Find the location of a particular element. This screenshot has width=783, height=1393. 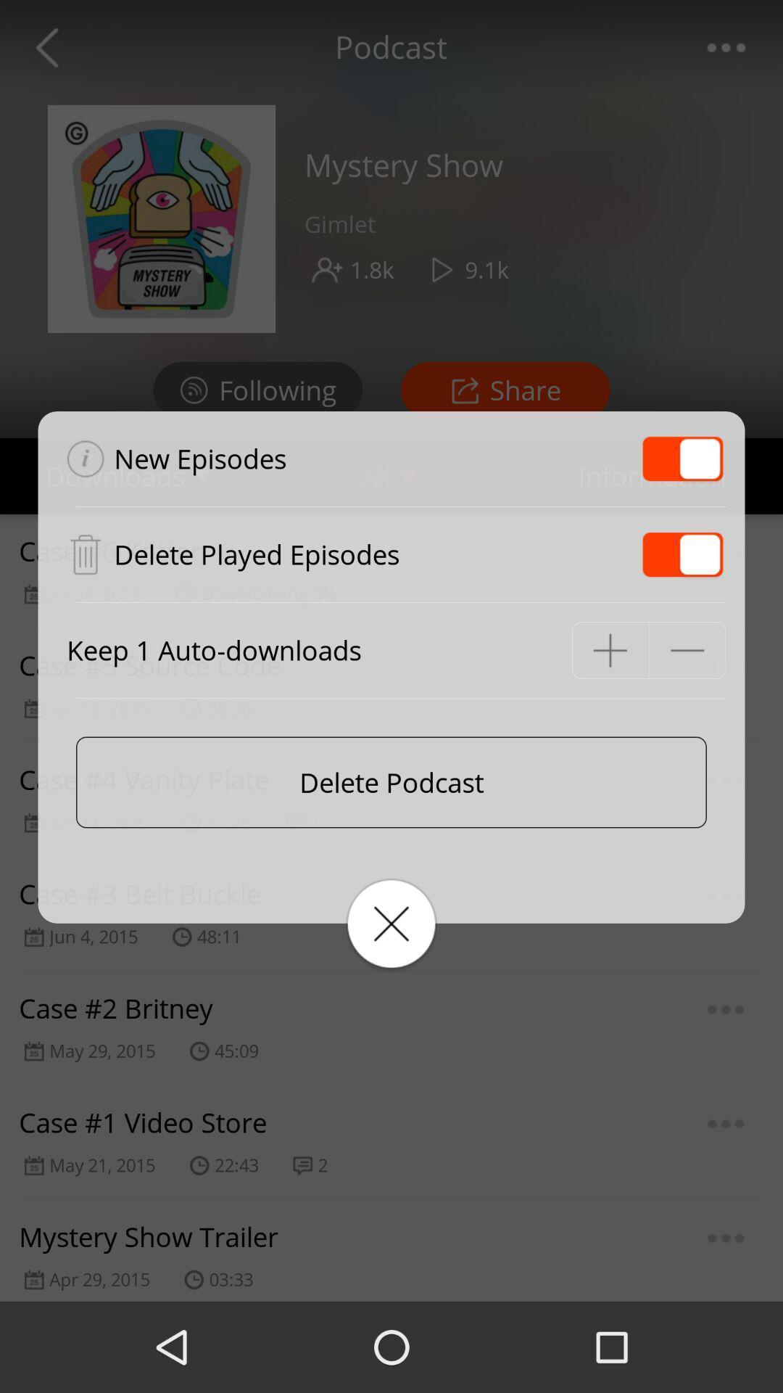

the icon below delete podcast is located at coordinates (391, 923).